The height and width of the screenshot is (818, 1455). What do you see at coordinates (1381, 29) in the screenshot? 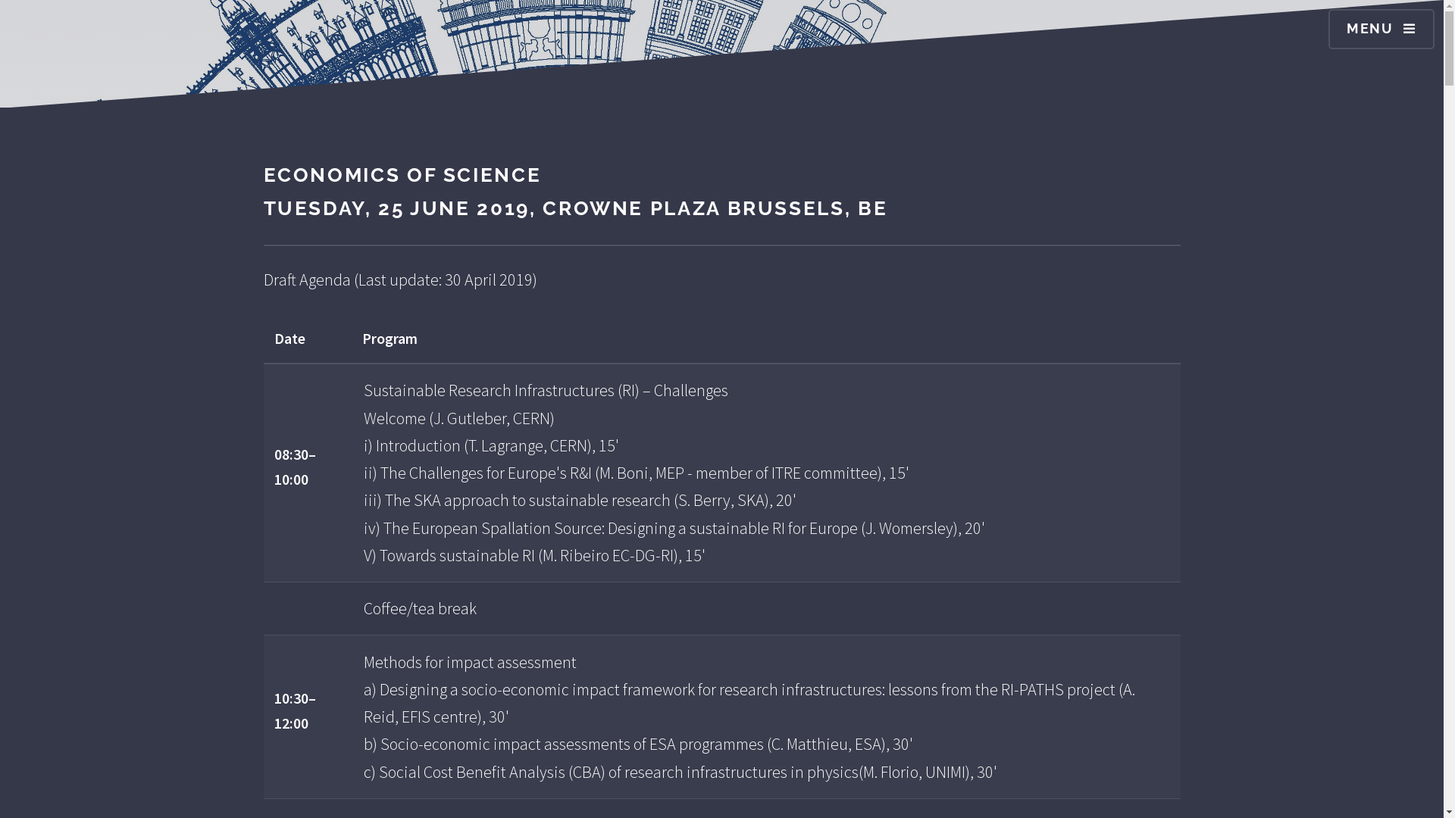
I see `'MENU'` at bounding box center [1381, 29].